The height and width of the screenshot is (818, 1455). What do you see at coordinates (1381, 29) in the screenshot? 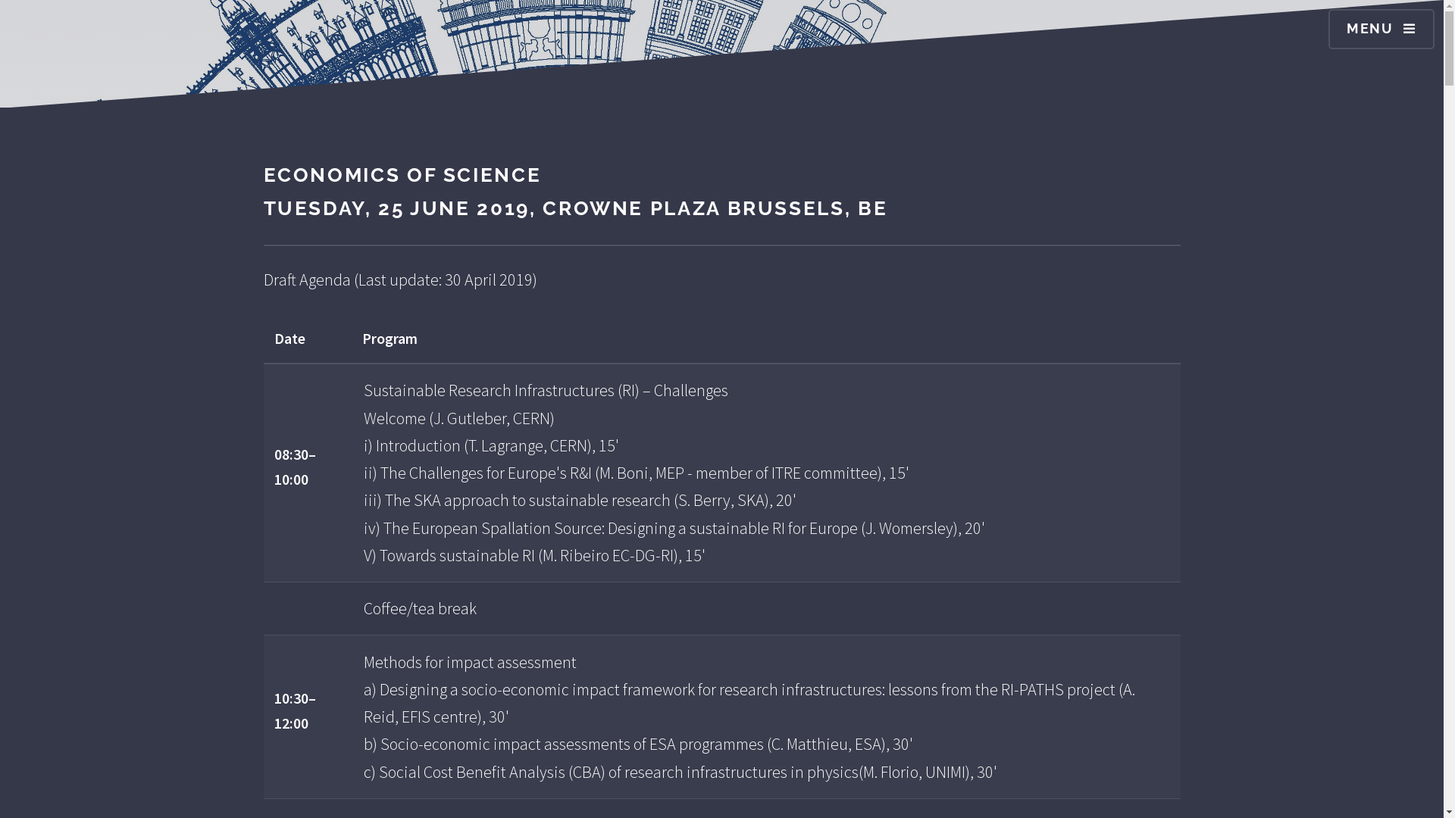
I see `'MENU'` at bounding box center [1381, 29].